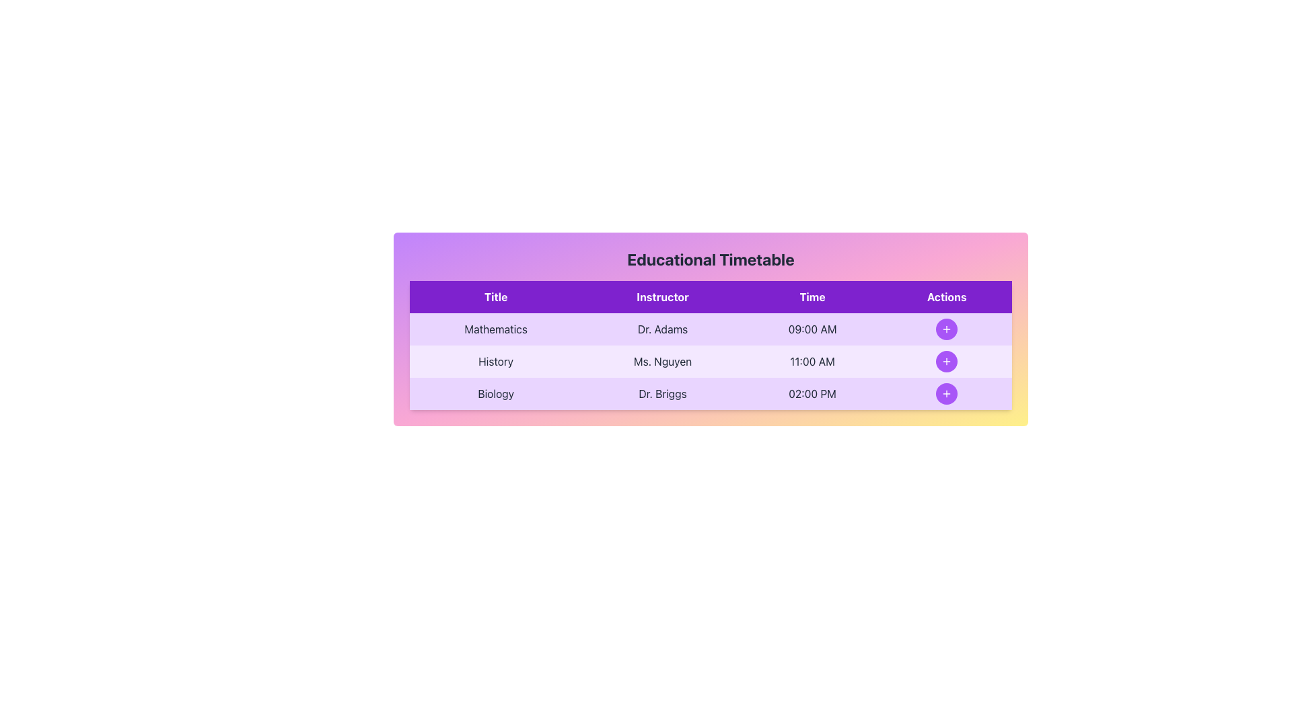  Describe the element at coordinates (945, 393) in the screenshot. I see `the action button for the 'Biology' entry in the timetable` at that location.